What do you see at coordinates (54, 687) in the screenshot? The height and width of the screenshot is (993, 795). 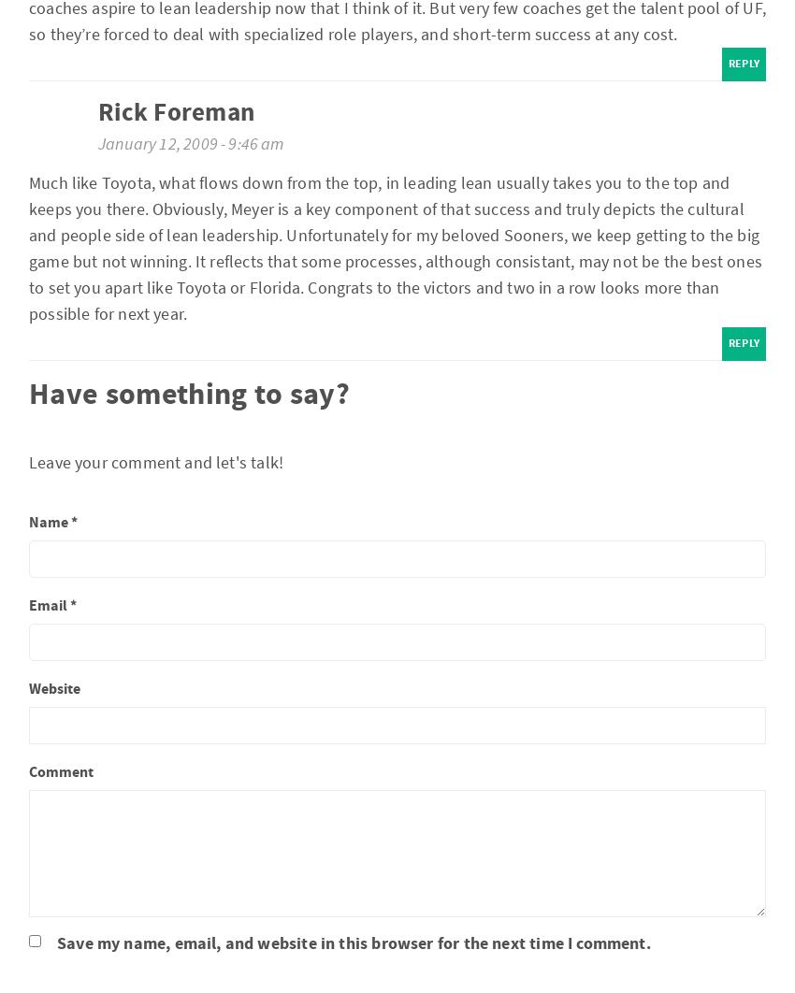 I see `'Website'` at bounding box center [54, 687].